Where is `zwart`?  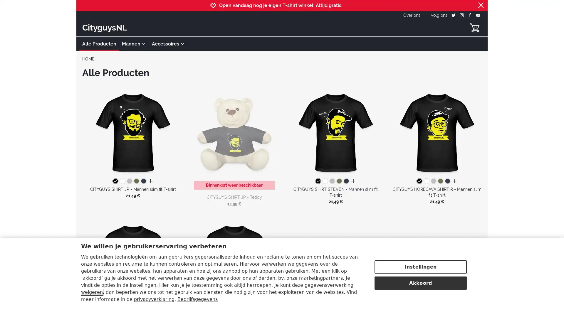 zwart is located at coordinates (115, 181).